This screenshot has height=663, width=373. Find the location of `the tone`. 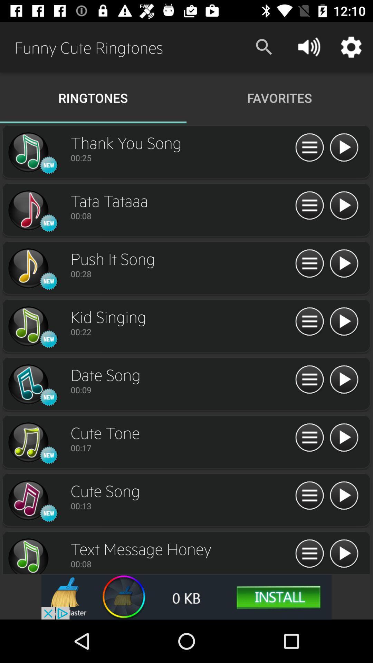

the tone is located at coordinates (344, 438).